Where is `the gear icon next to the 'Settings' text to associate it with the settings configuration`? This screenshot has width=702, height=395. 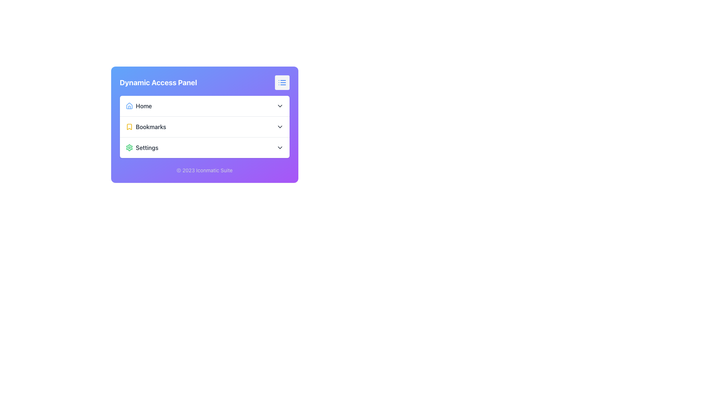
the gear icon next to the 'Settings' text to associate it with the settings configuration is located at coordinates (129, 148).